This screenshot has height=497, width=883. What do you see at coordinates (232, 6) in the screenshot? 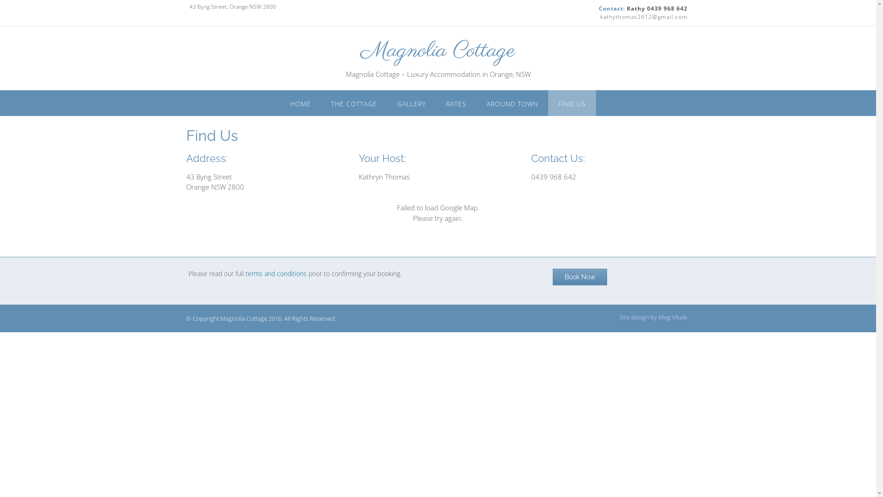
I see `'43 Byng Street, Orange NSW 2800'` at bounding box center [232, 6].